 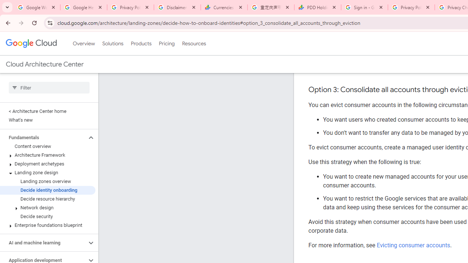 I want to click on 'Enterprise foundations blueprint', so click(x=47, y=225).